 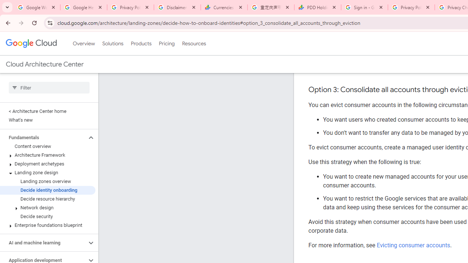 I want to click on 'Enterprise foundations blueprint', so click(x=47, y=225).